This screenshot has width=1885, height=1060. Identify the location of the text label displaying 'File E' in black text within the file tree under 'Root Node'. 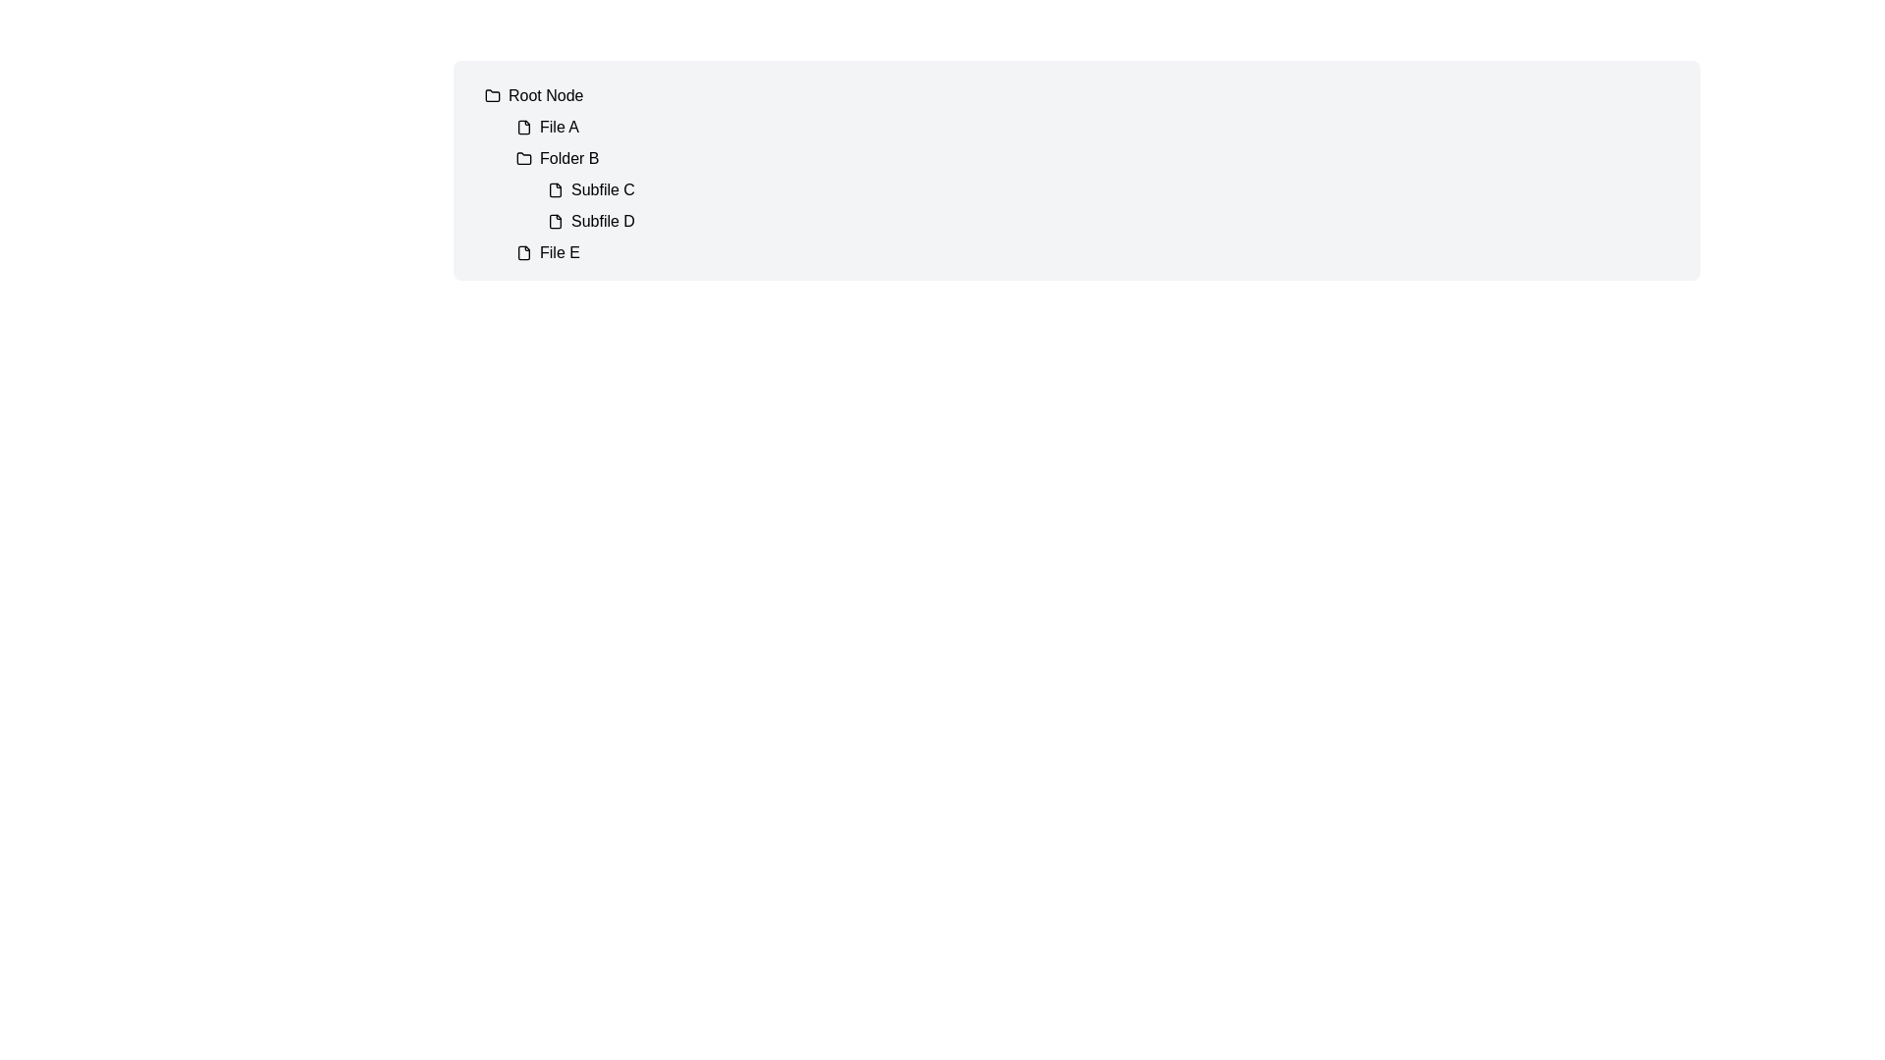
(559, 252).